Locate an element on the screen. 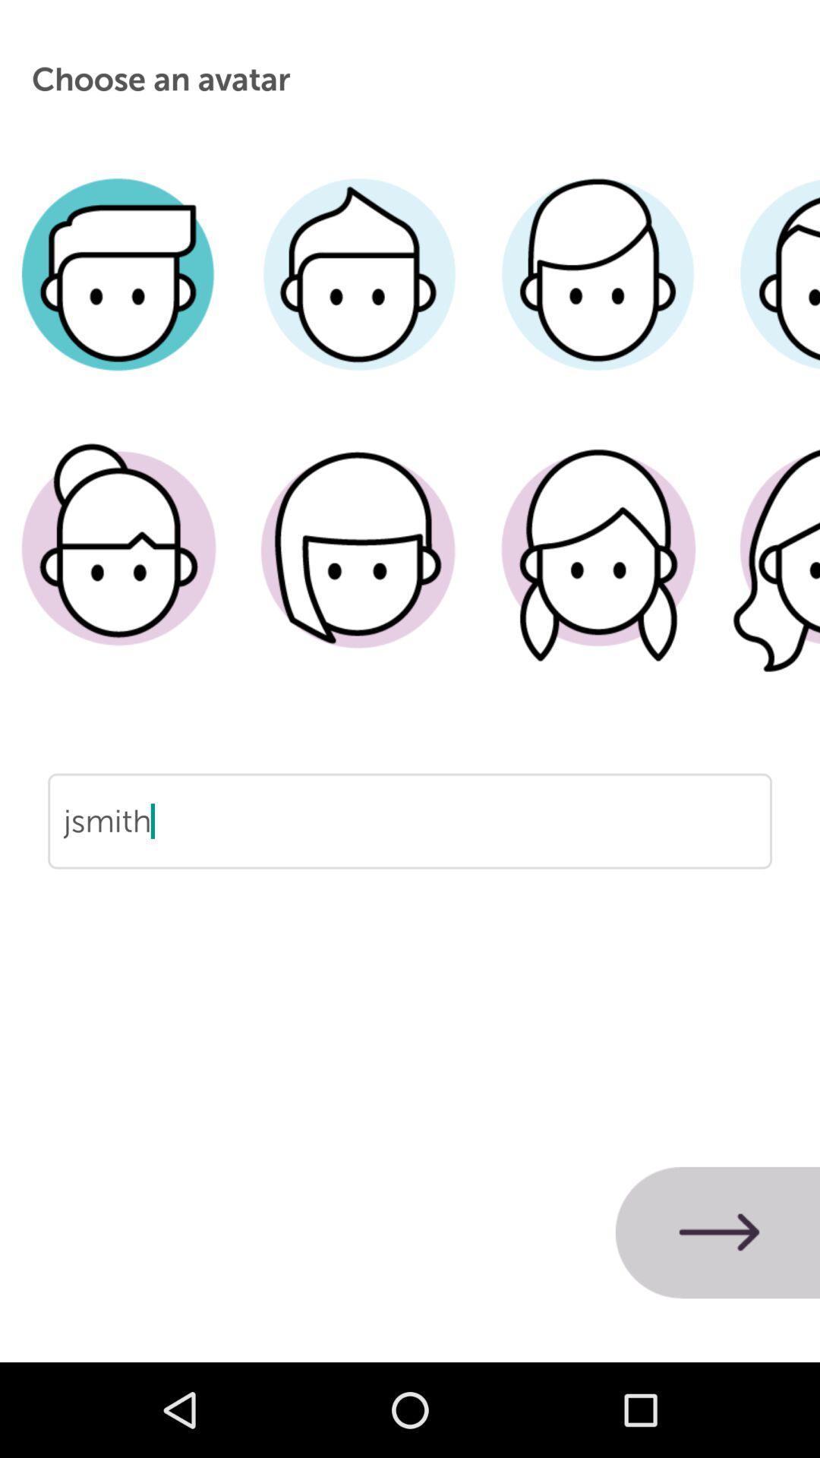 Image resolution: width=820 pixels, height=1458 pixels. choose avatar option is located at coordinates (118, 297).